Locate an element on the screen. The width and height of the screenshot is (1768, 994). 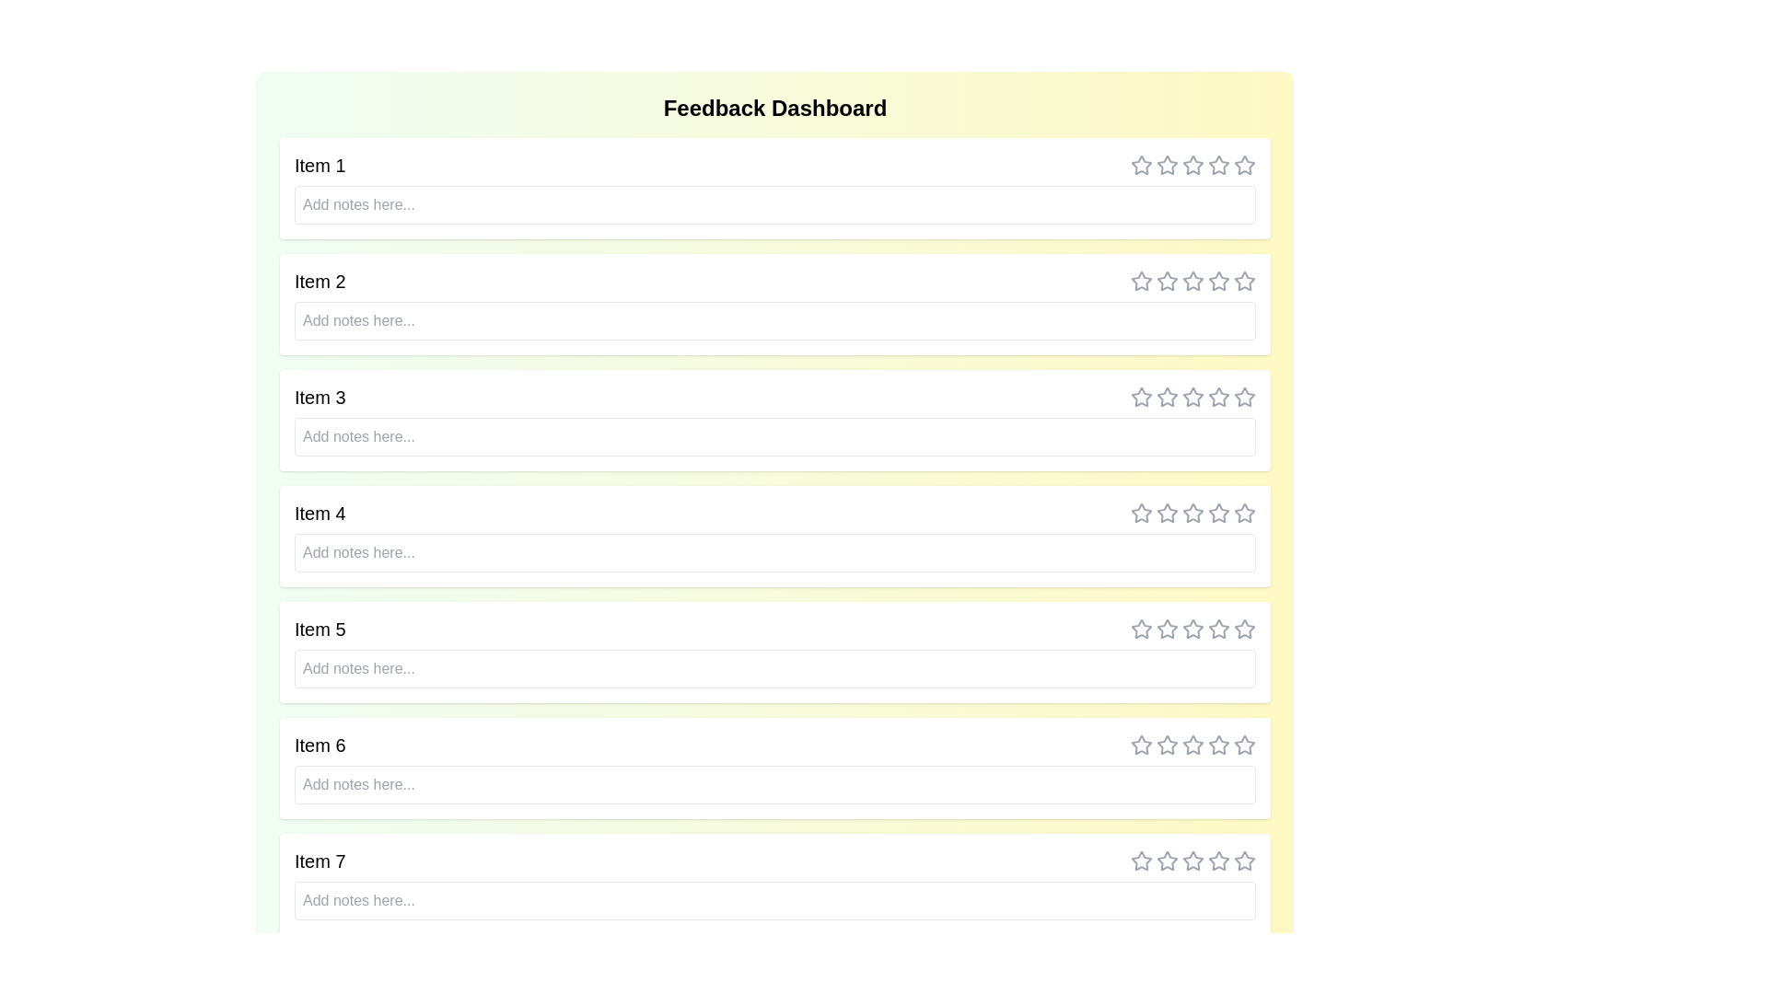
the rating for an item to 4 stars is located at coordinates (1219, 166).